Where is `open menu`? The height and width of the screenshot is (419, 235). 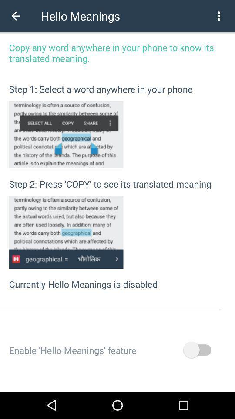
open menu is located at coordinates (218, 15).